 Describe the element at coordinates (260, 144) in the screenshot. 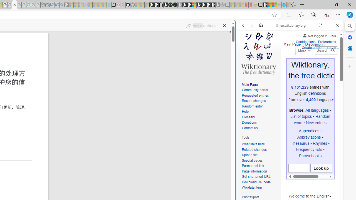

I see `'What links here'` at that location.